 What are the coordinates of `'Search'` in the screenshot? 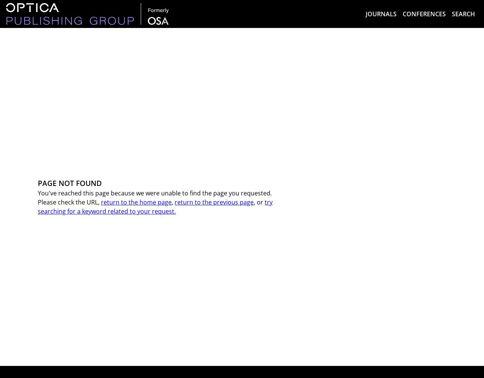 It's located at (452, 14).